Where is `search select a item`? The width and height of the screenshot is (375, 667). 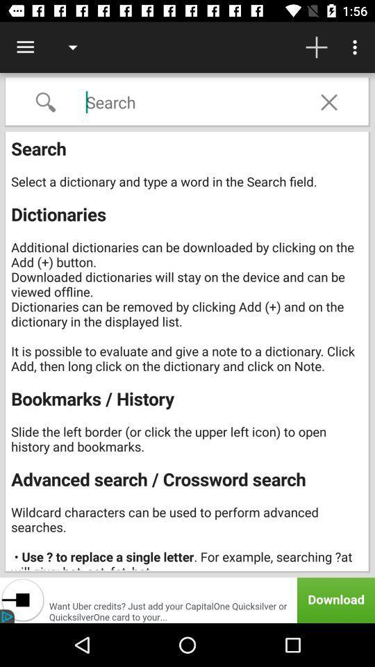 search select a item is located at coordinates (187, 352).